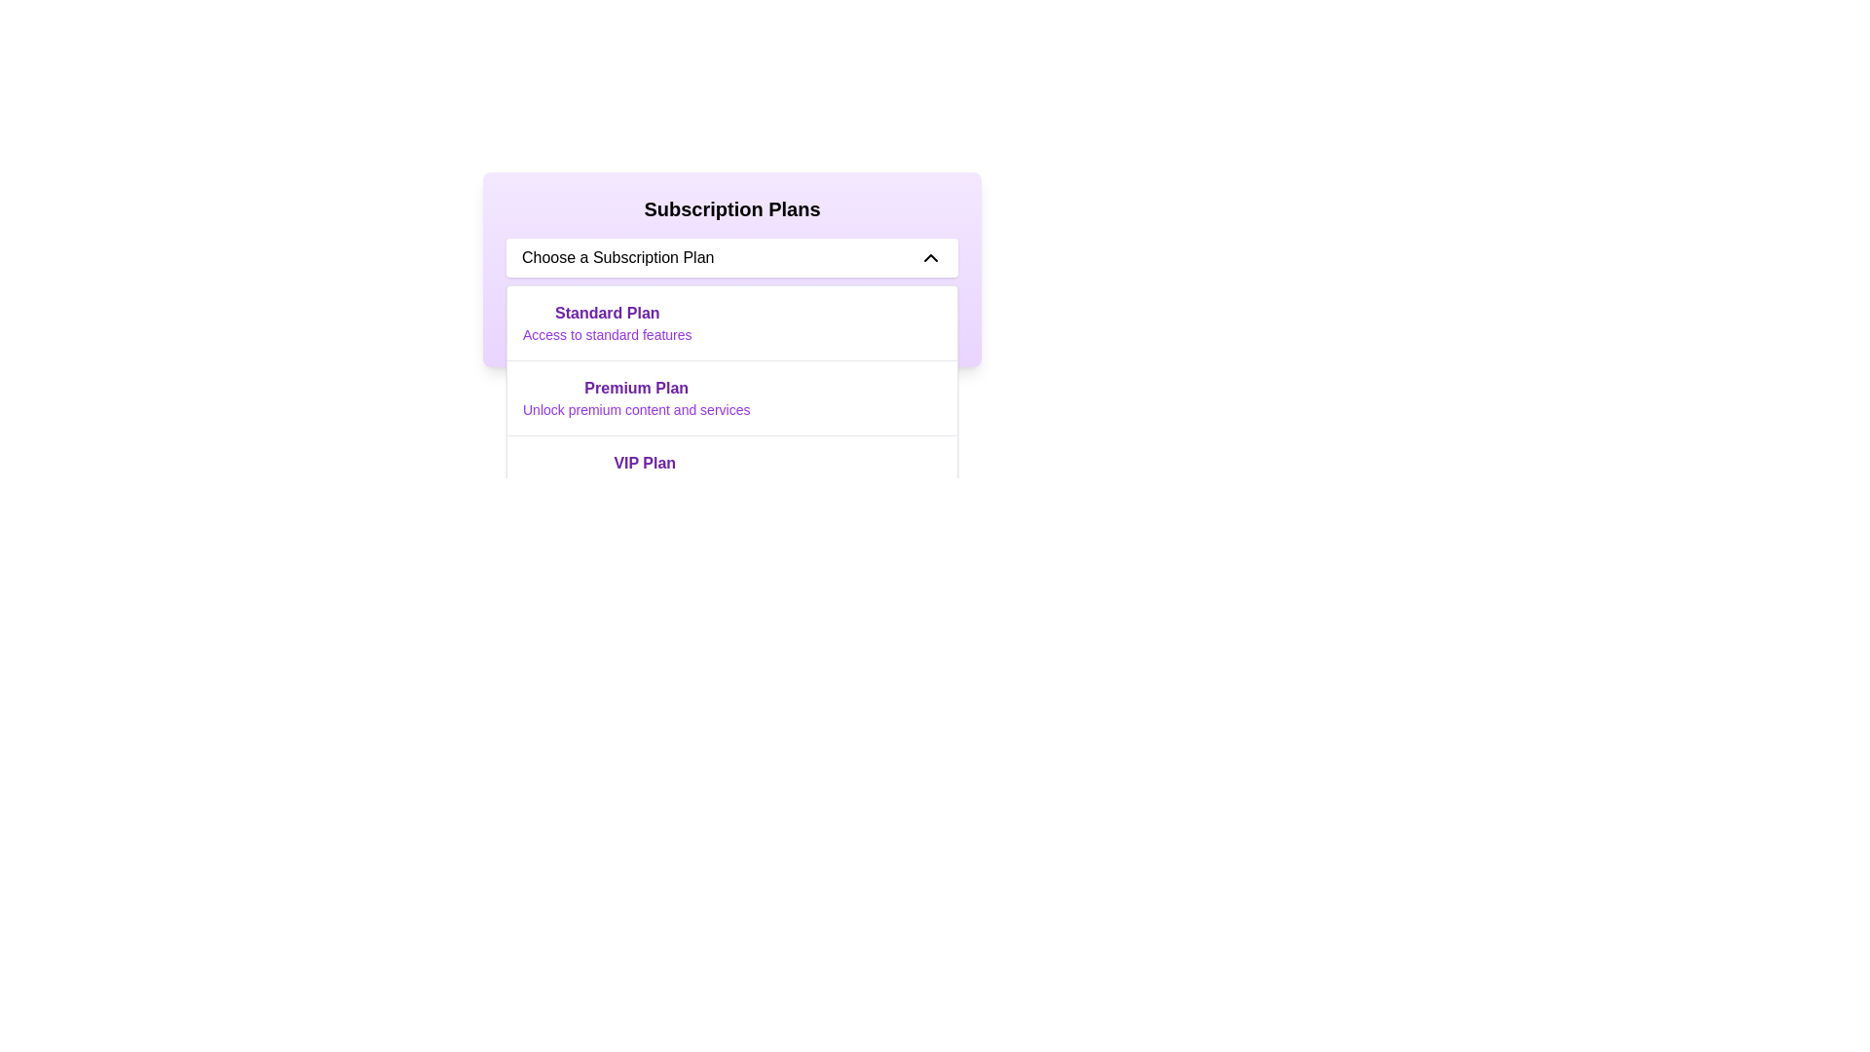  What do you see at coordinates (731, 396) in the screenshot?
I see `the second option in the 'Subscription Plans' dropdown list` at bounding box center [731, 396].